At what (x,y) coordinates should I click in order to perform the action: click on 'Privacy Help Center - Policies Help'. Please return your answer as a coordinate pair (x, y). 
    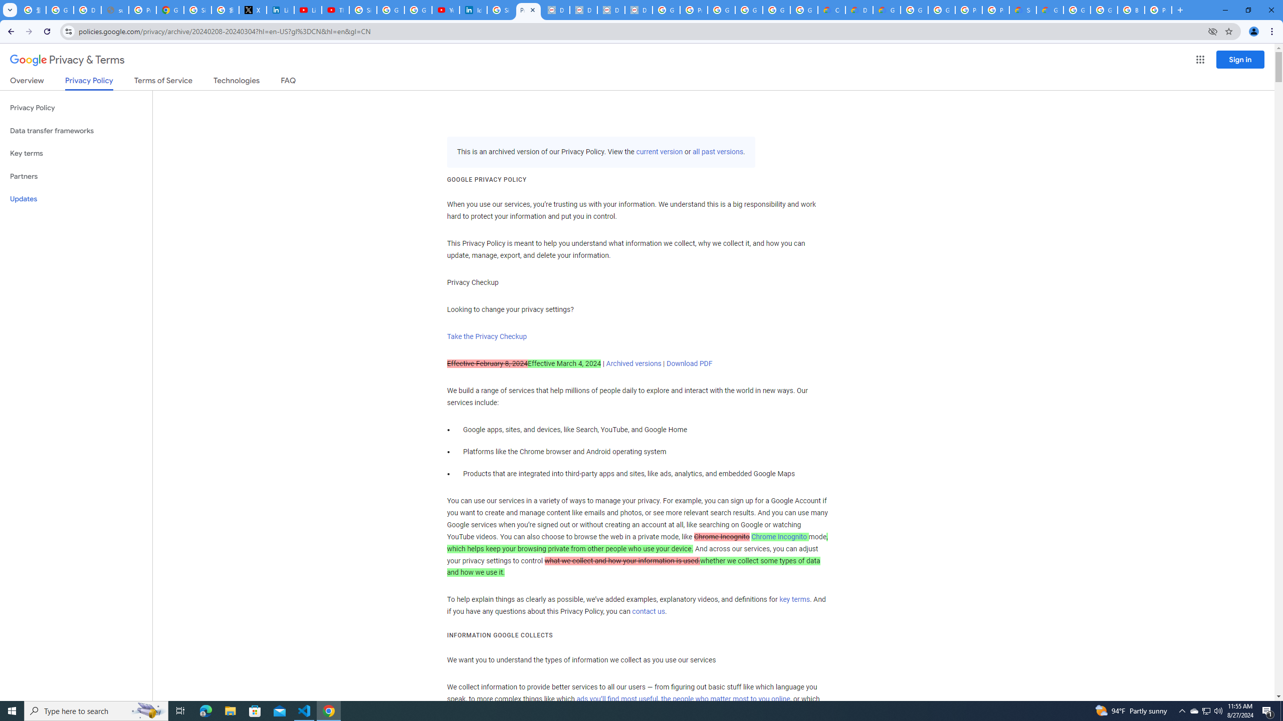
    Looking at the image, I should click on (142, 10).